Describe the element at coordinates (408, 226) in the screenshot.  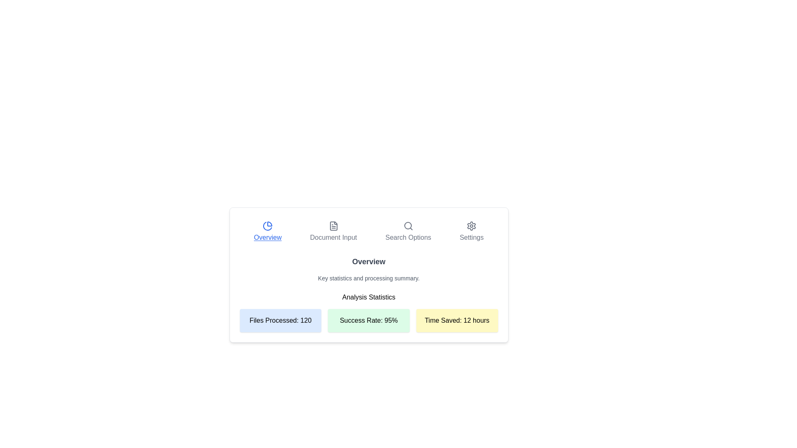
I see `the magnifying glass icon in the 'Search Options' item located in the top navigation bar` at that location.